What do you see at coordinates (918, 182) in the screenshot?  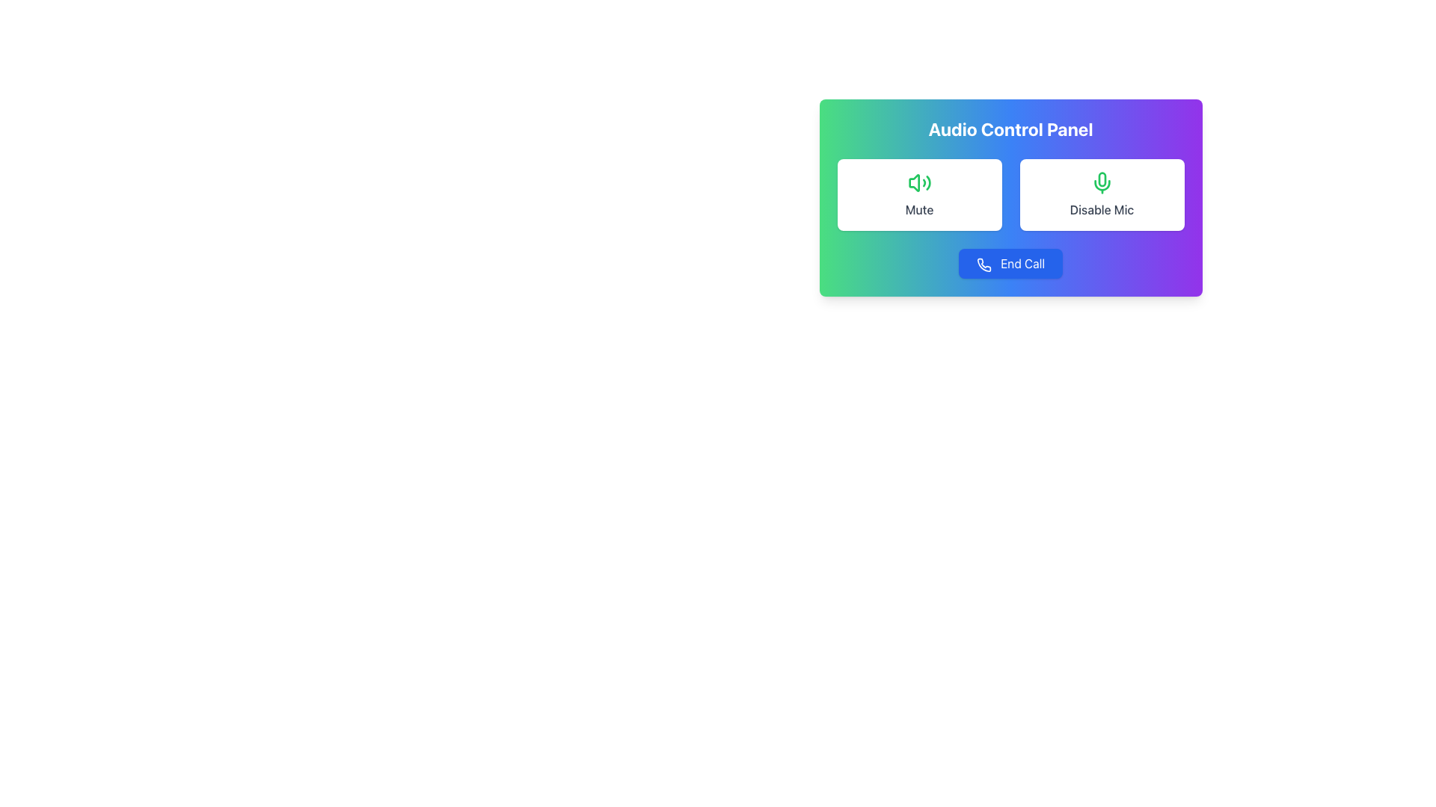 I see `the green sound volume icon located at the top-center of the 'Mute' card` at bounding box center [918, 182].